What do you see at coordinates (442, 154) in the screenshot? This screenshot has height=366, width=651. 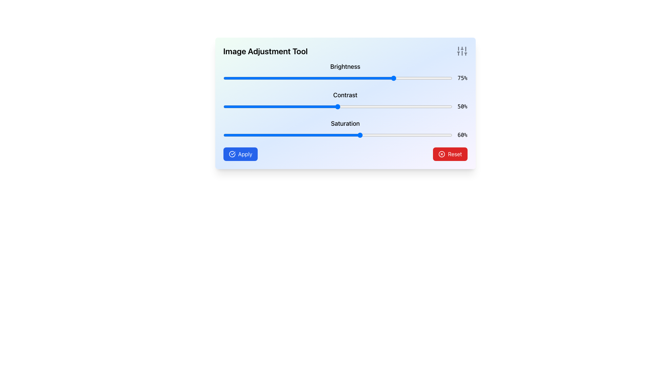 I see `the circular red icon with a white cross symbol, which indicates a cancel or reset action, located to the left of the 'Reset' text within a rectangular red button in the bottom-right corner of the interface` at bounding box center [442, 154].